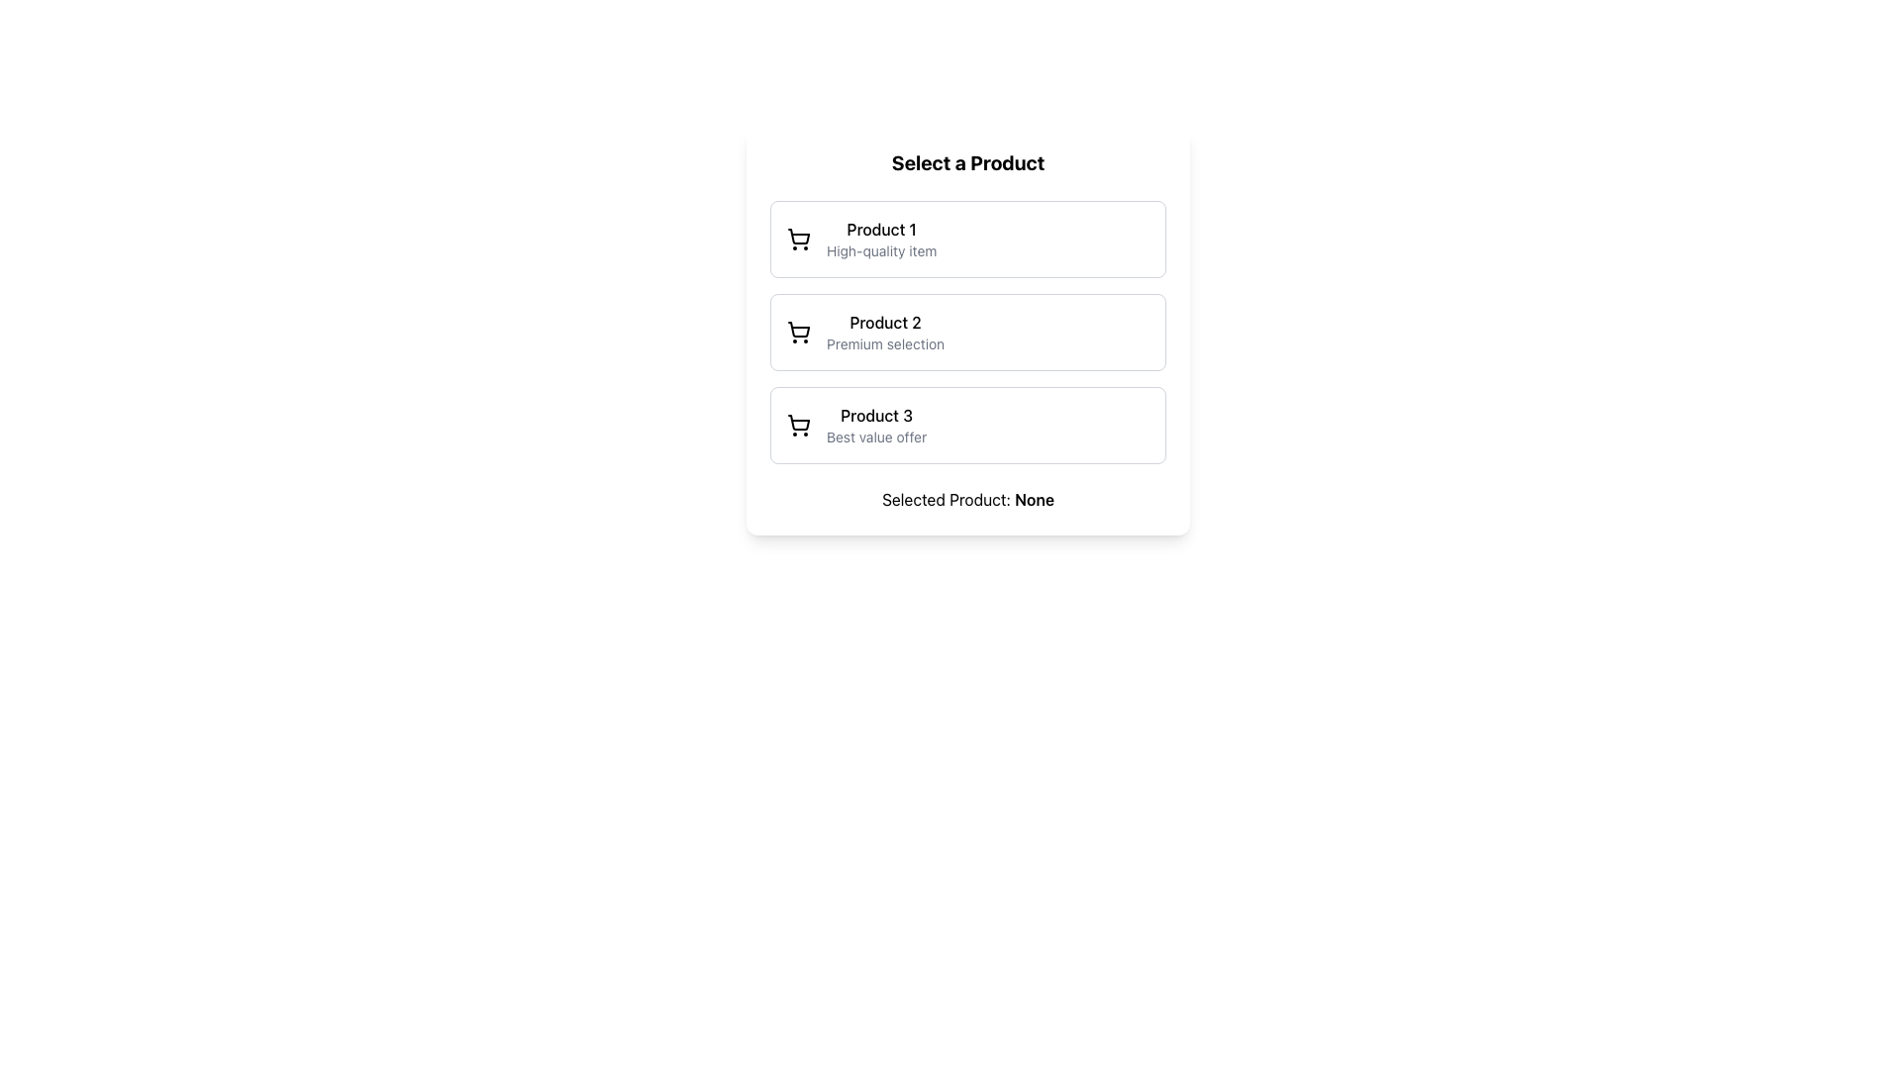 Image resolution: width=1901 pixels, height=1069 pixels. What do you see at coordinates (880, 239) in the screenshot?
I see `the textual label displaying 'Product 1' and 'High-quality item', which is located under the header 'Select a Product' in the first row of a vertically stacked list` at bounding box center [880, 239].